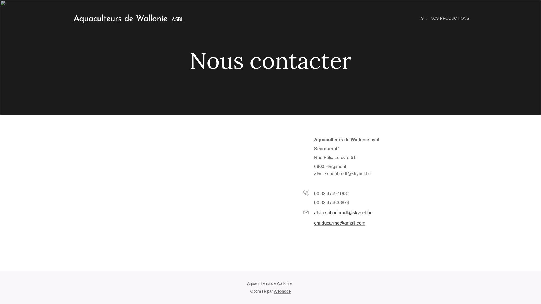 The image size is (541, 304). Describe the element at coordinates (450, 18) in the screenshot. I see `'NOS PRODUCTIONS'` at that location.